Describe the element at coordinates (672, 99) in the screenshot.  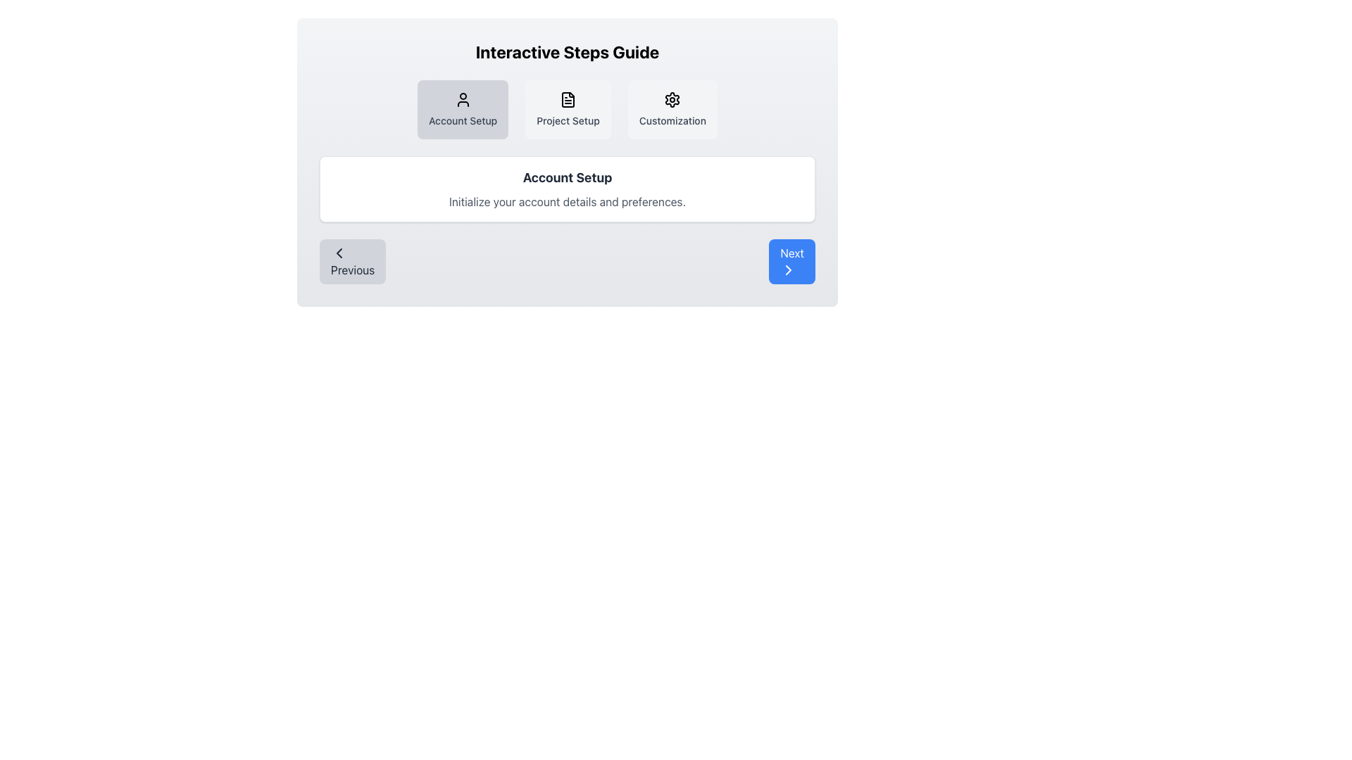
I see `the gear or settings icon located in the 'Customization' section` at that location.